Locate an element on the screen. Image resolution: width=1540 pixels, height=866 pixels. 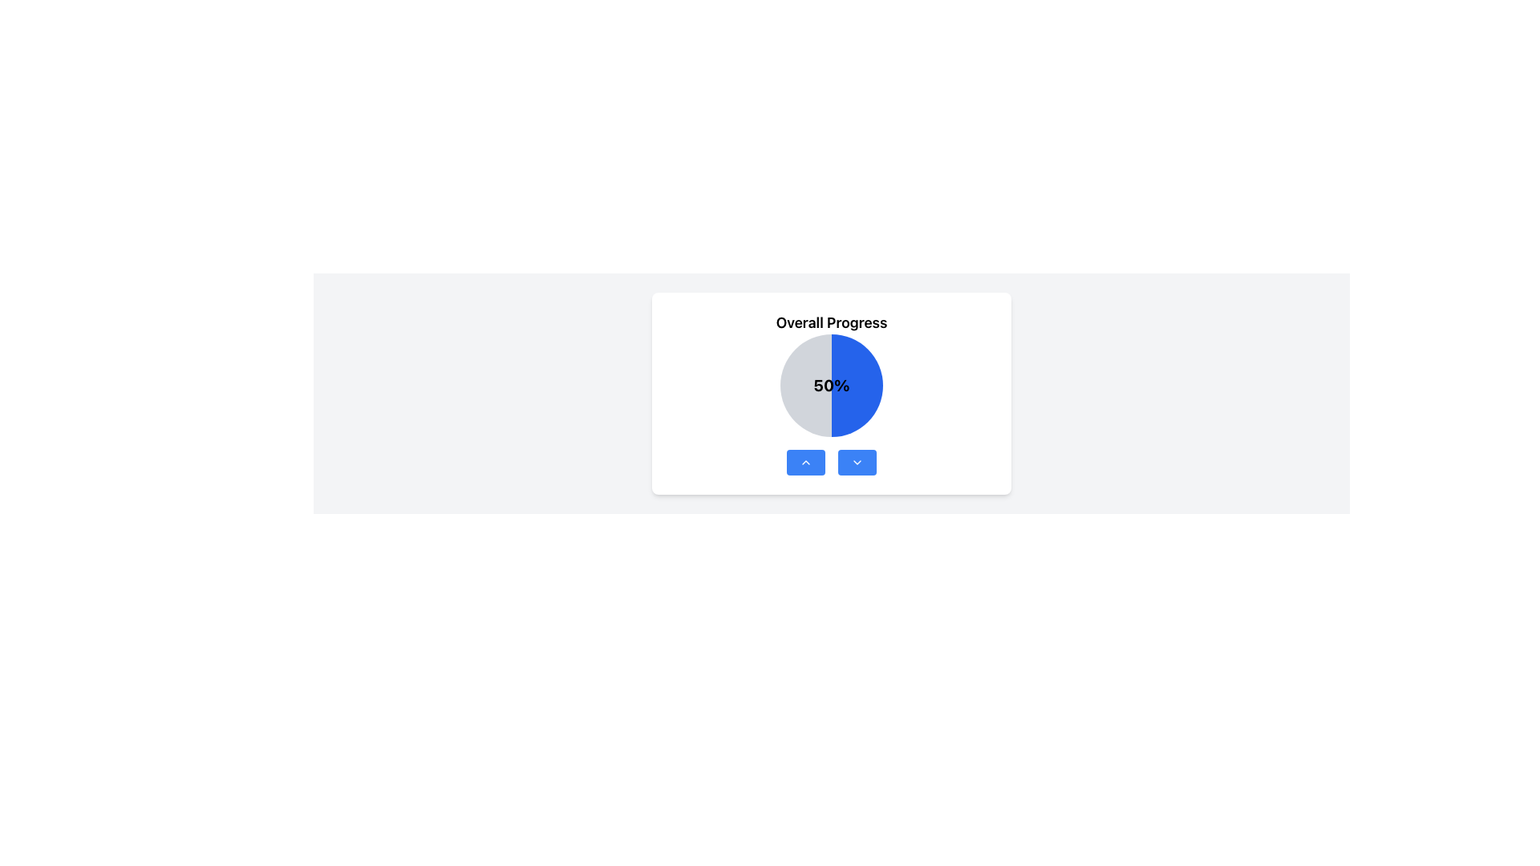
the downward button located below the progress circle in the 'Overall Progress' card to decrement the value is located at coordinates (831, 463).